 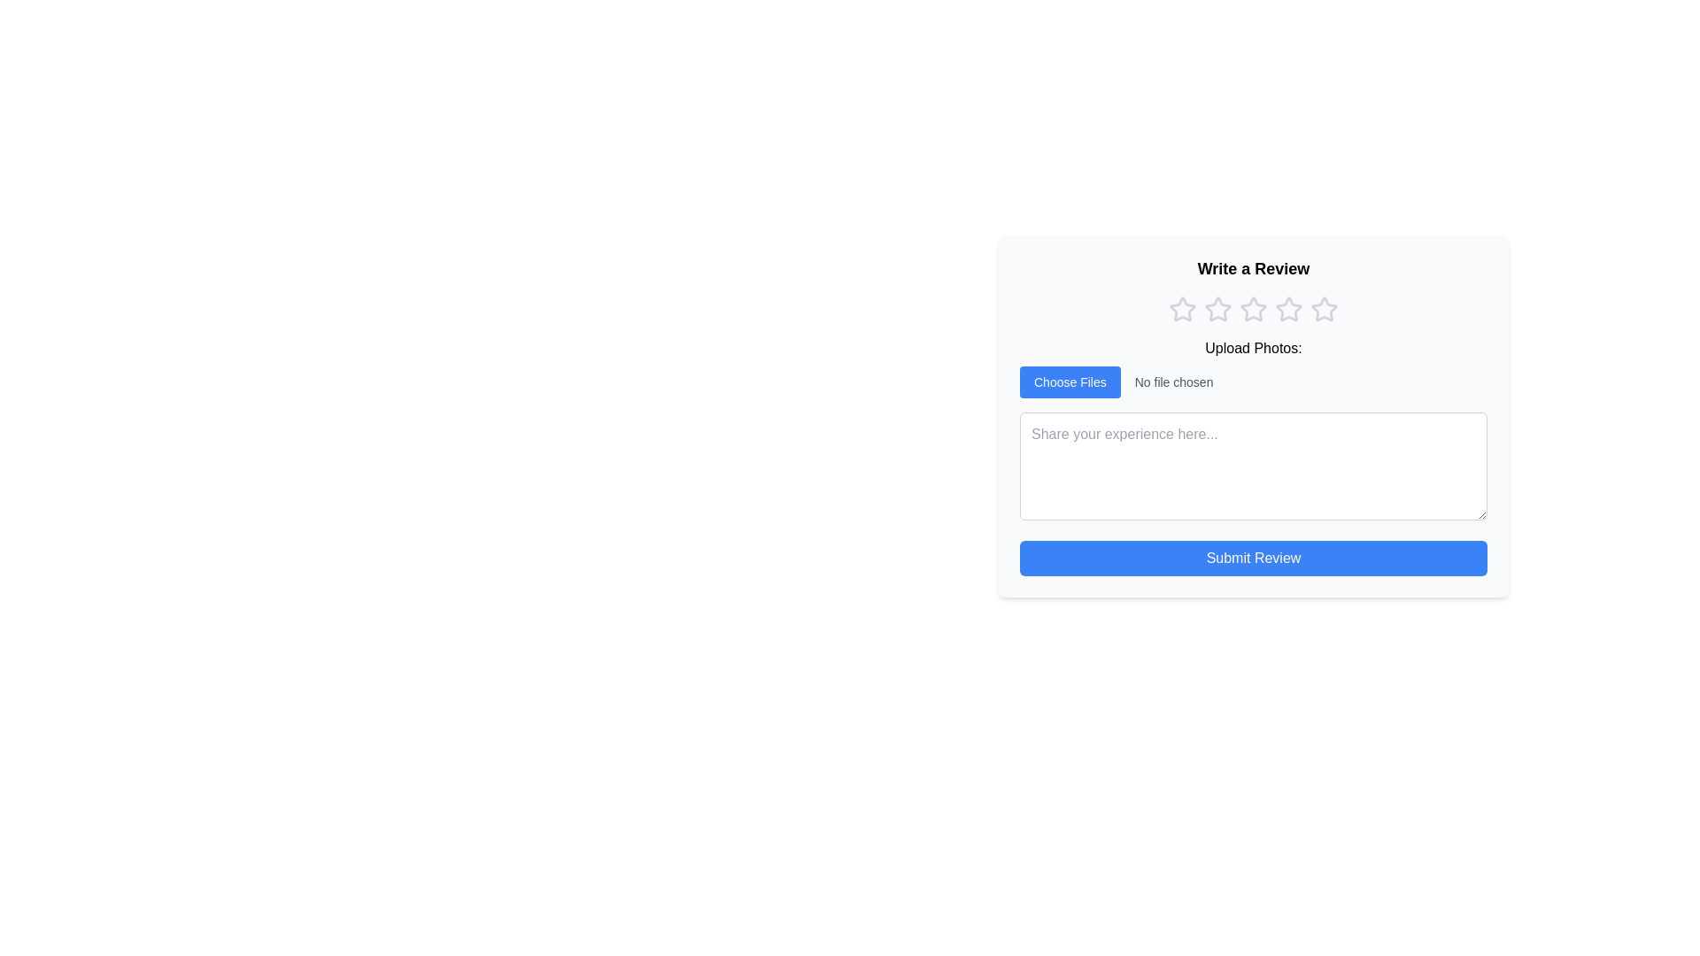 What do you see at coordinates (1253, 309) in the screenshot?
I see `the third star icon in the five-level rating system under the 'Write a Review' header` at bounding box center [1253, 309].